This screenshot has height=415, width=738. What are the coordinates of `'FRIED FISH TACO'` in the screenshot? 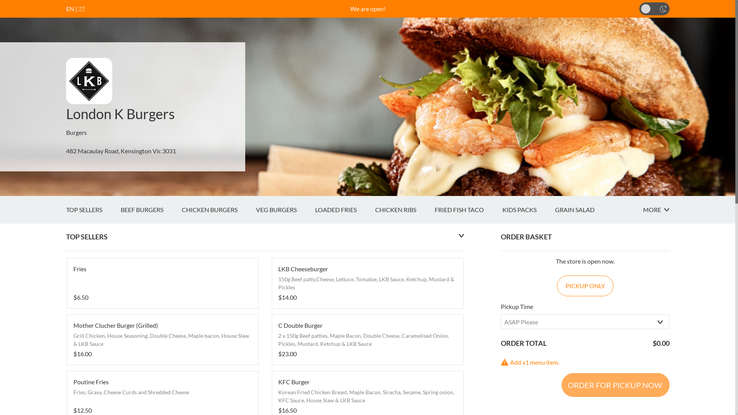 It's located at (468, 210).